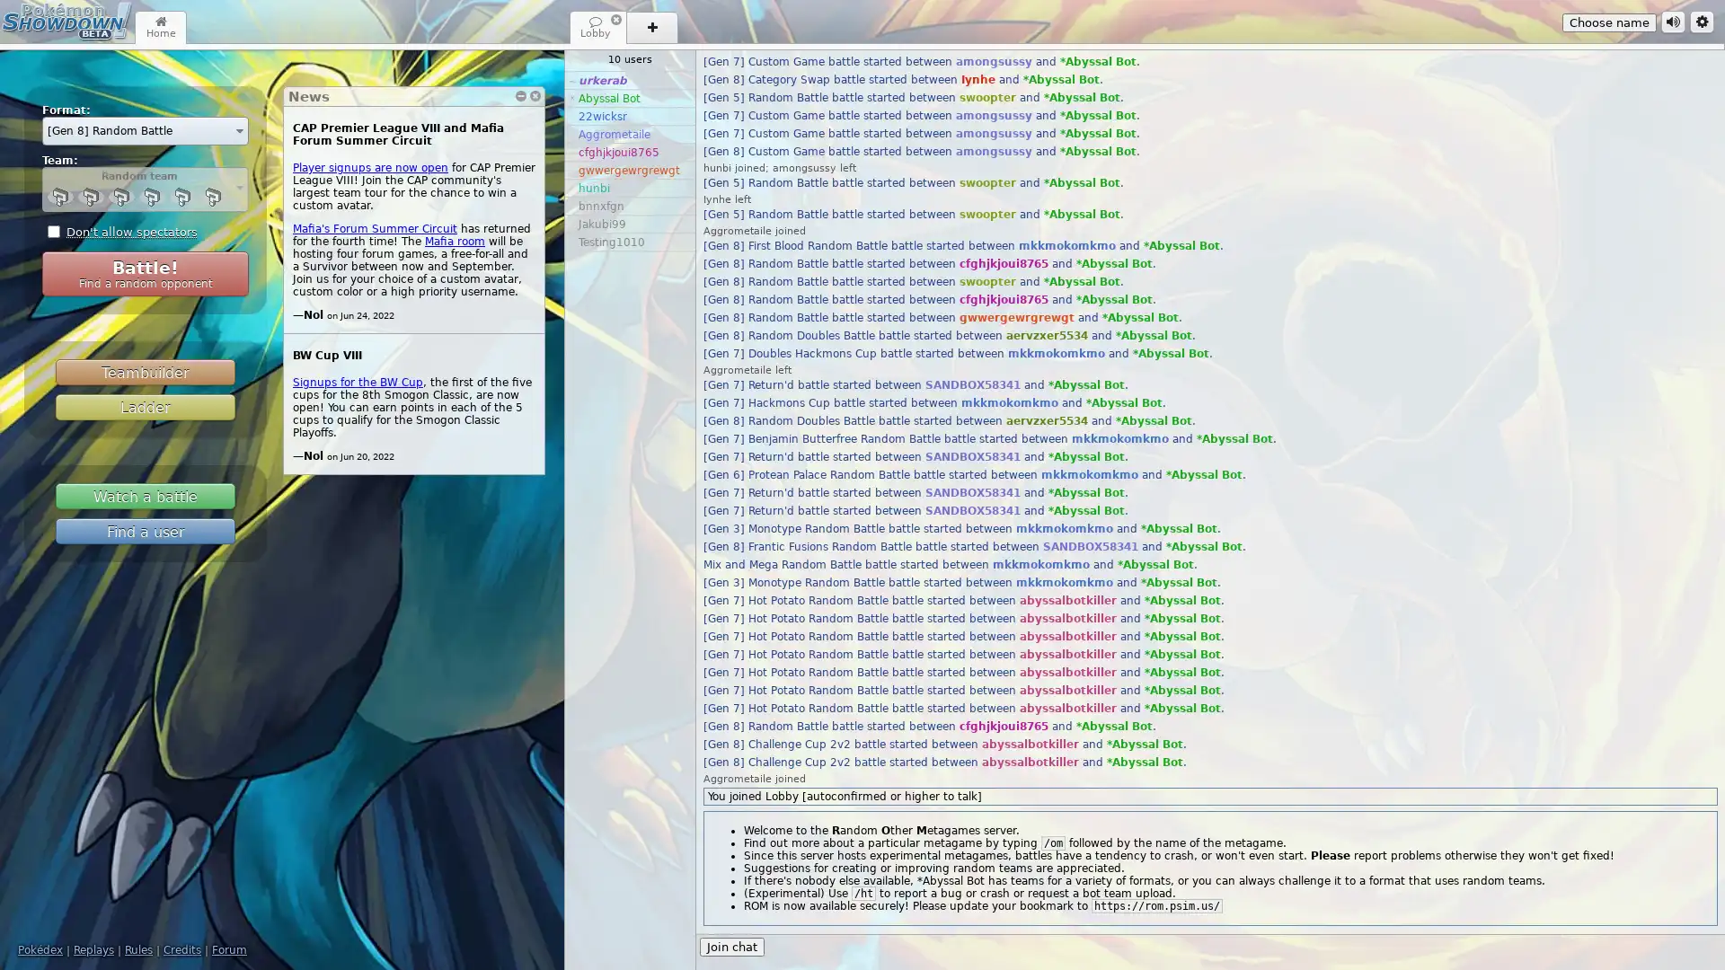  I want to click on Sound, so click(1672, 22).